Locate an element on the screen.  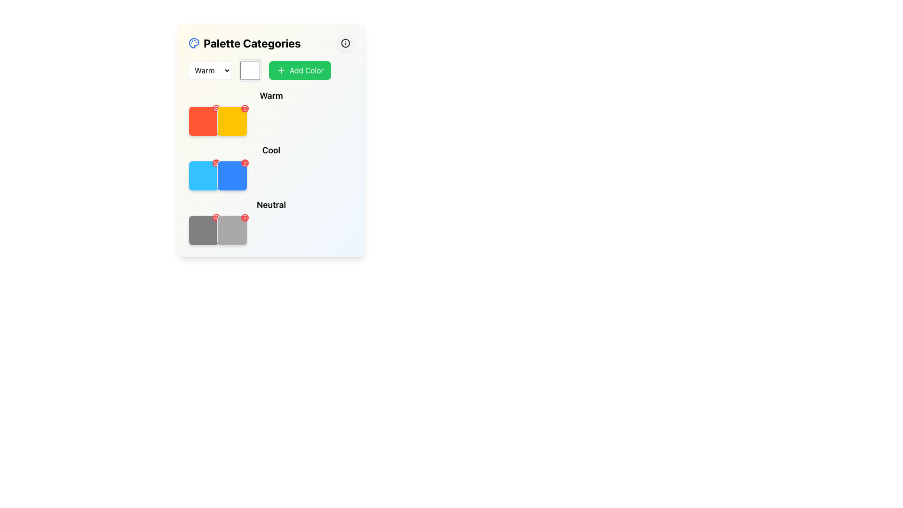
the close button icon located at the top-right corner, which is a small rectangle with rounded corners within a red circular background is located at coordinates (216, 217).